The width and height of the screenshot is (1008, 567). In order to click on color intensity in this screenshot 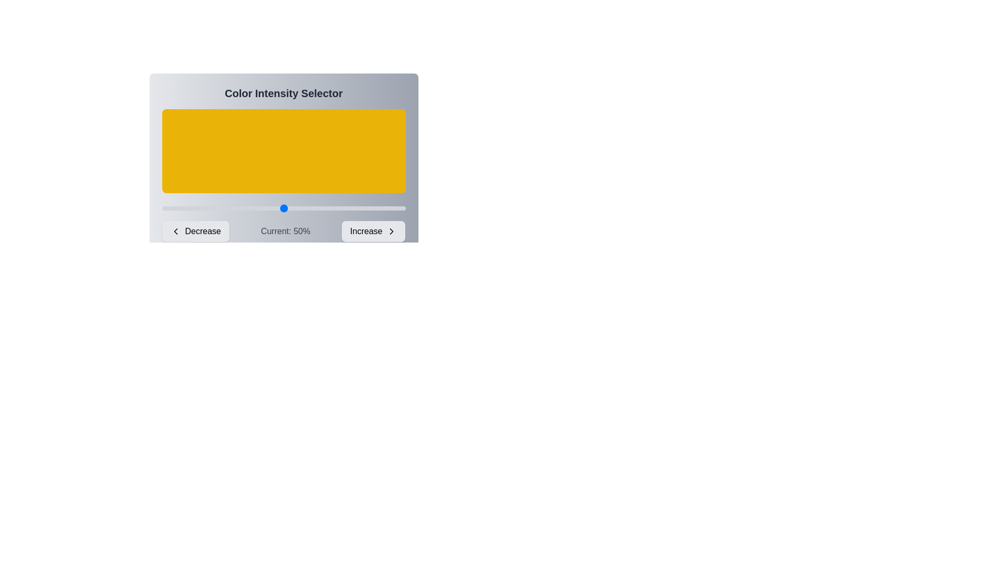, I will do `click(395, 208)`.